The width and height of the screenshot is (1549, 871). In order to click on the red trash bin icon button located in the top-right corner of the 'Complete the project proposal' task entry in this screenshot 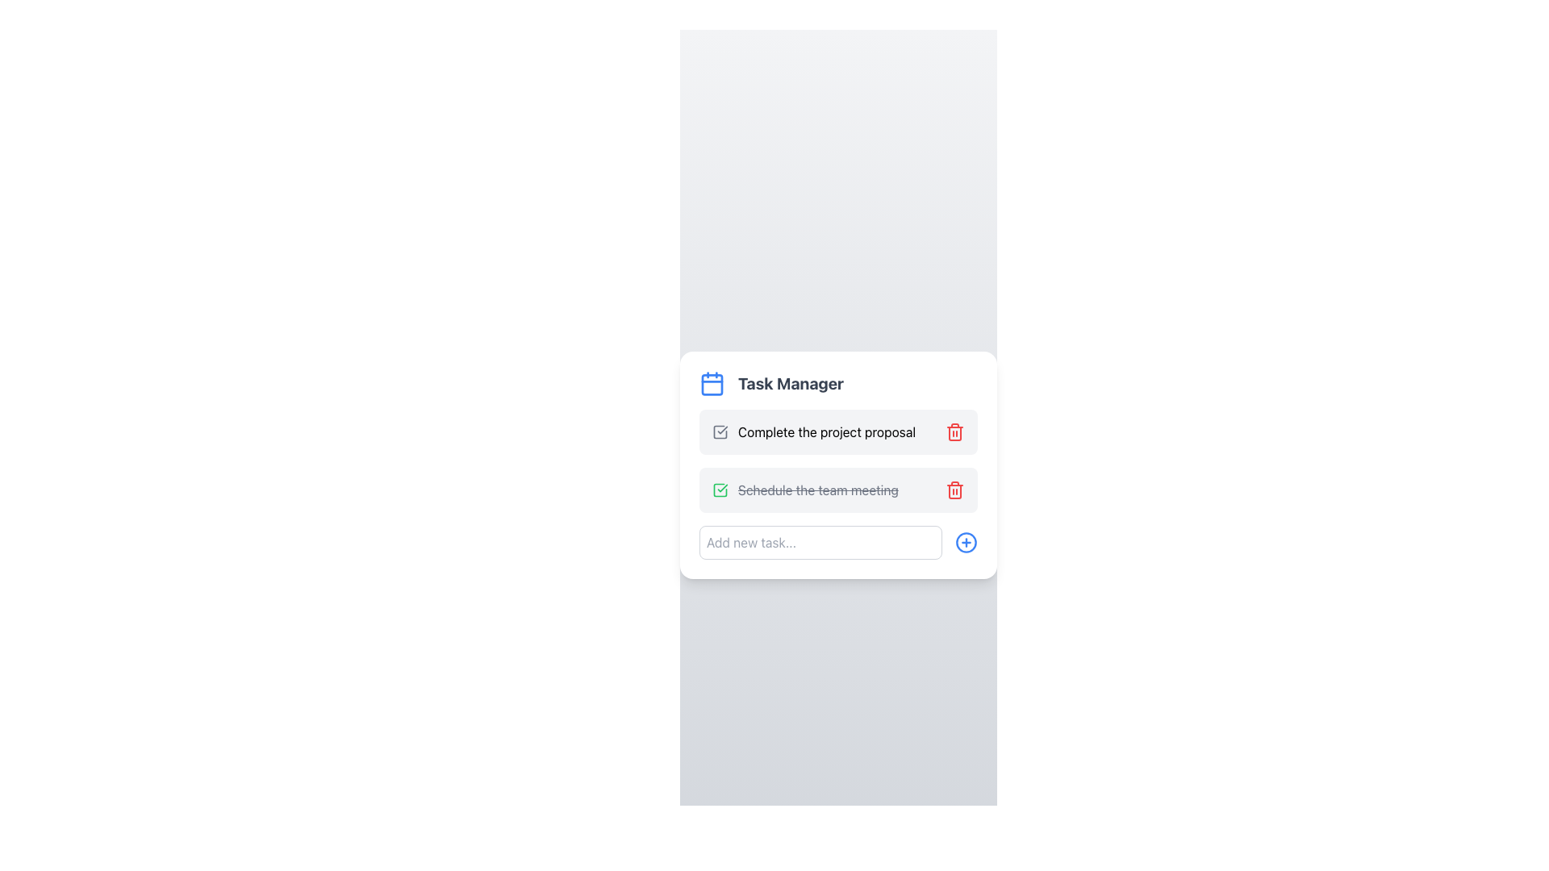, I will do `click(955, 431)`.